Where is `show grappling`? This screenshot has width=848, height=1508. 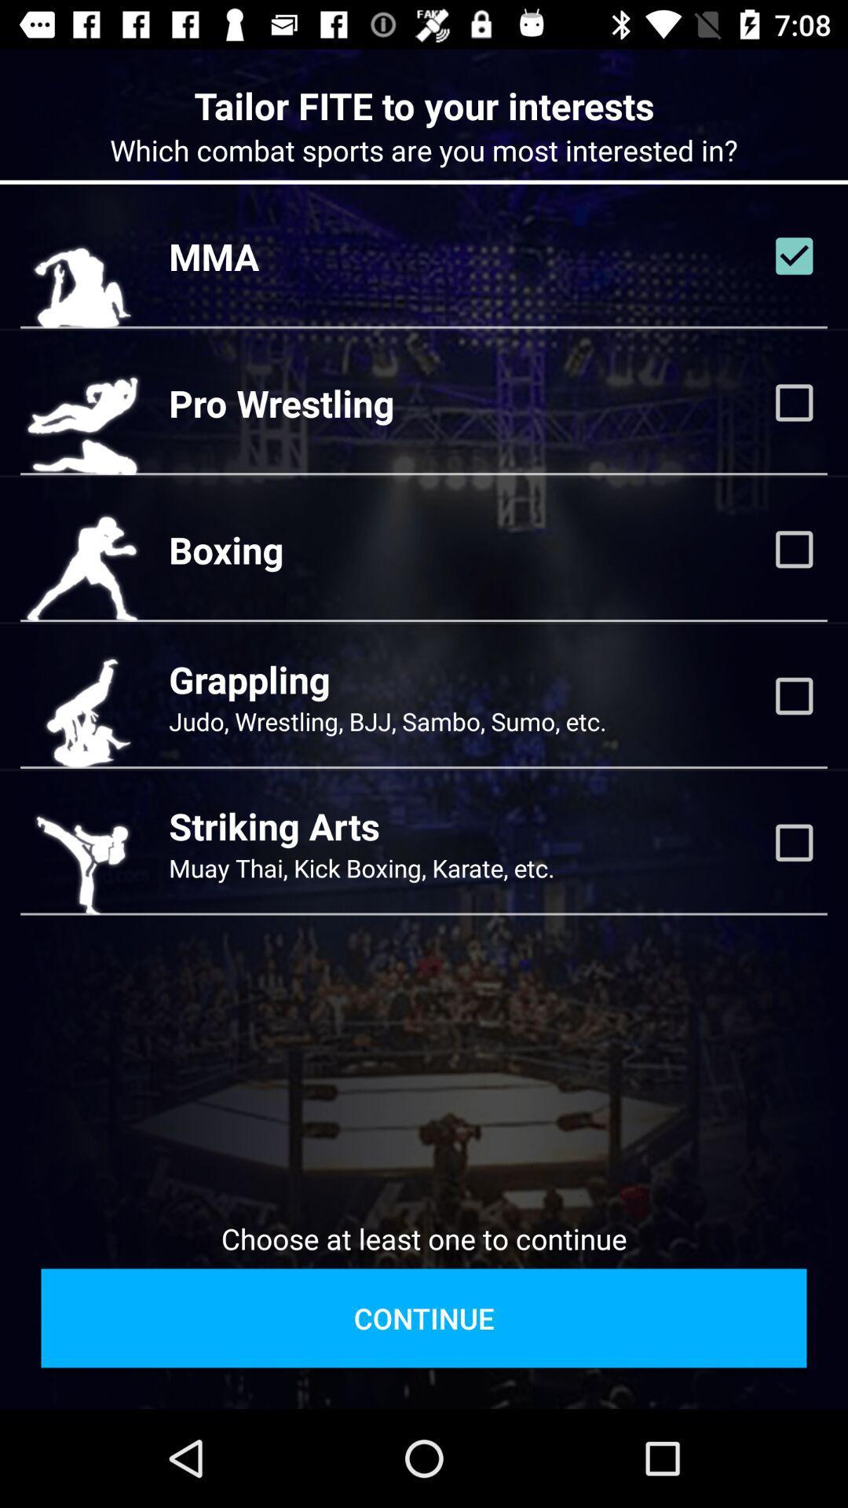
show grappling is located at coordinates (794, 695).